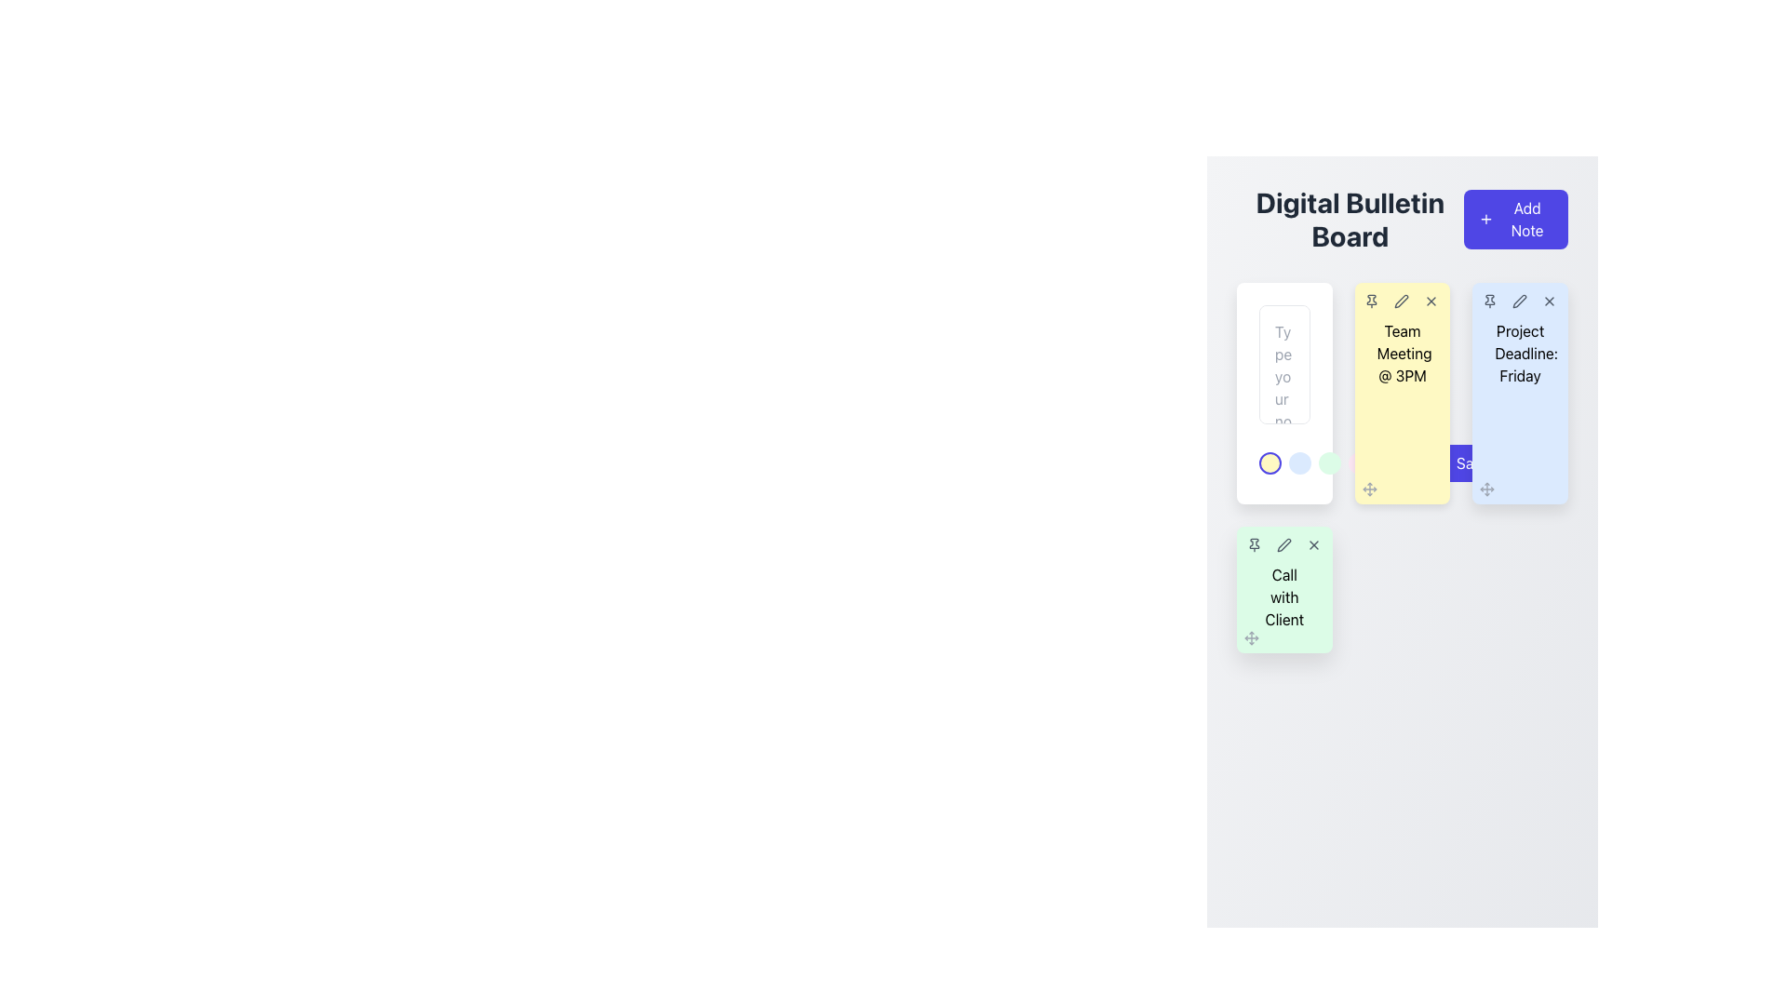 This screenshot has height=1005, width=1787. I want to click on the gray pin icon located in the top-left corner of the 'Team Meeting @ 3 PM' note, so click(1372, 301).